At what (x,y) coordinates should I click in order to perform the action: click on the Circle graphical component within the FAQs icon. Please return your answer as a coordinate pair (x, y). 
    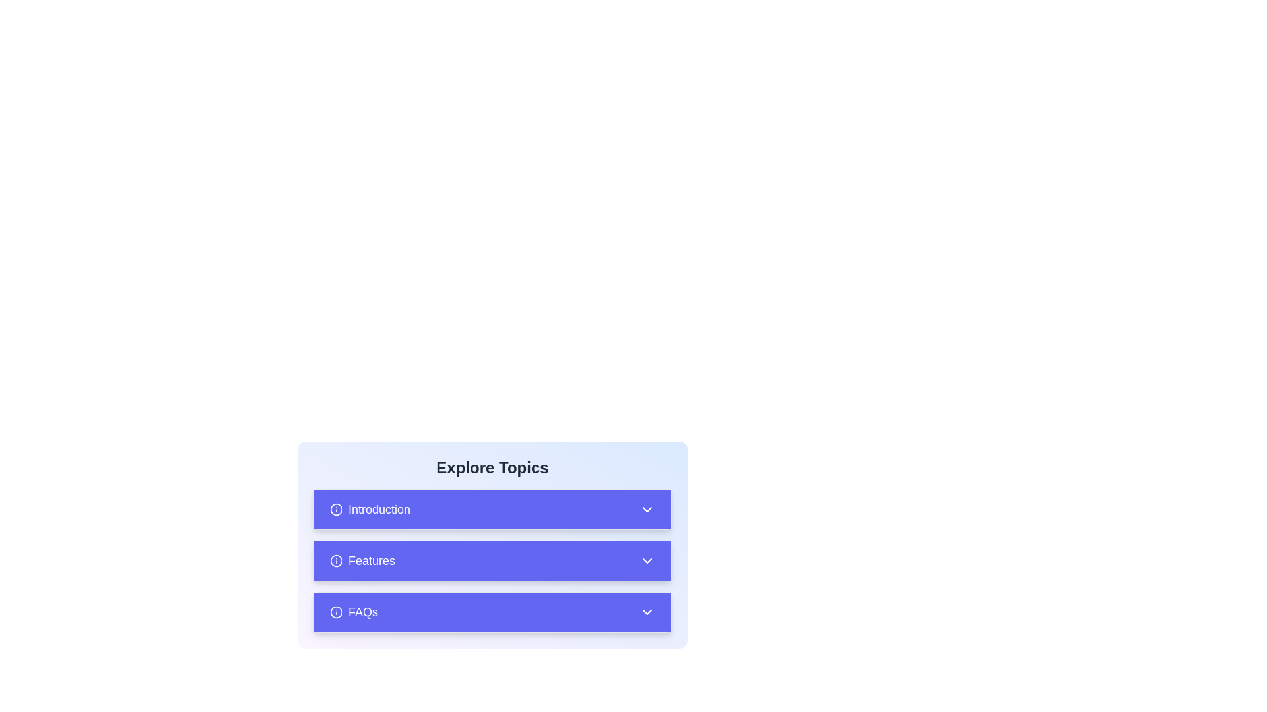
    Looking at the image, I should click on (336, 612).